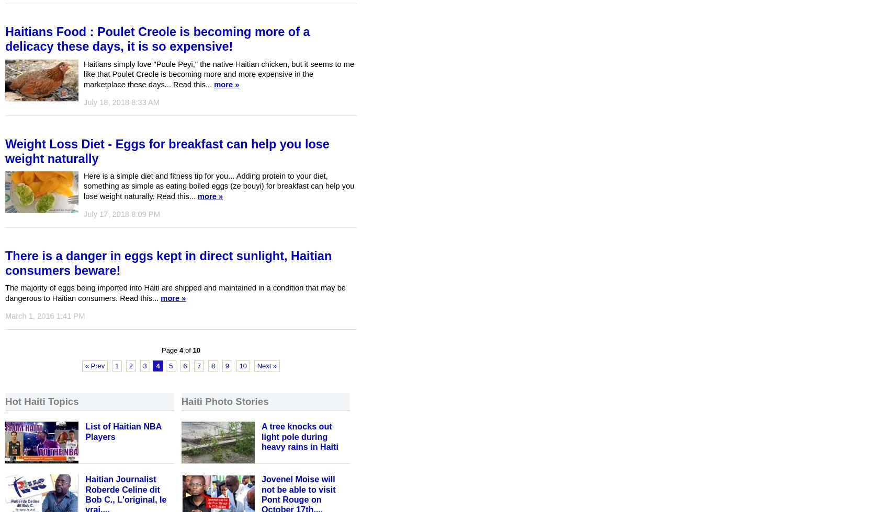 This screenshot has width=882, height=512. Describe the element at coordinates (170, 350) in the screenshot. I see `'Page'` at that location.